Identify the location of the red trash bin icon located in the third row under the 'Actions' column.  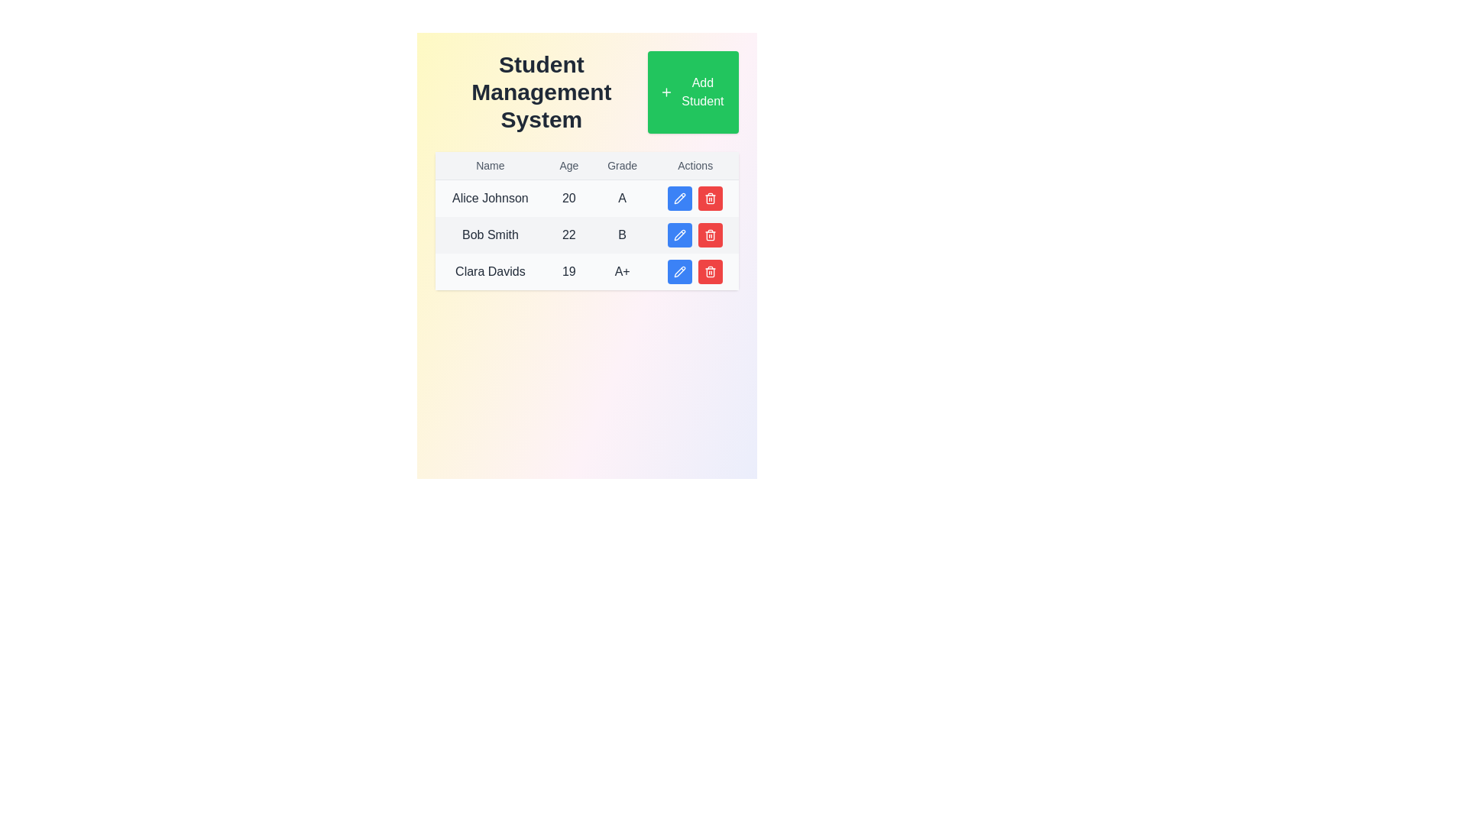
(710, 199).